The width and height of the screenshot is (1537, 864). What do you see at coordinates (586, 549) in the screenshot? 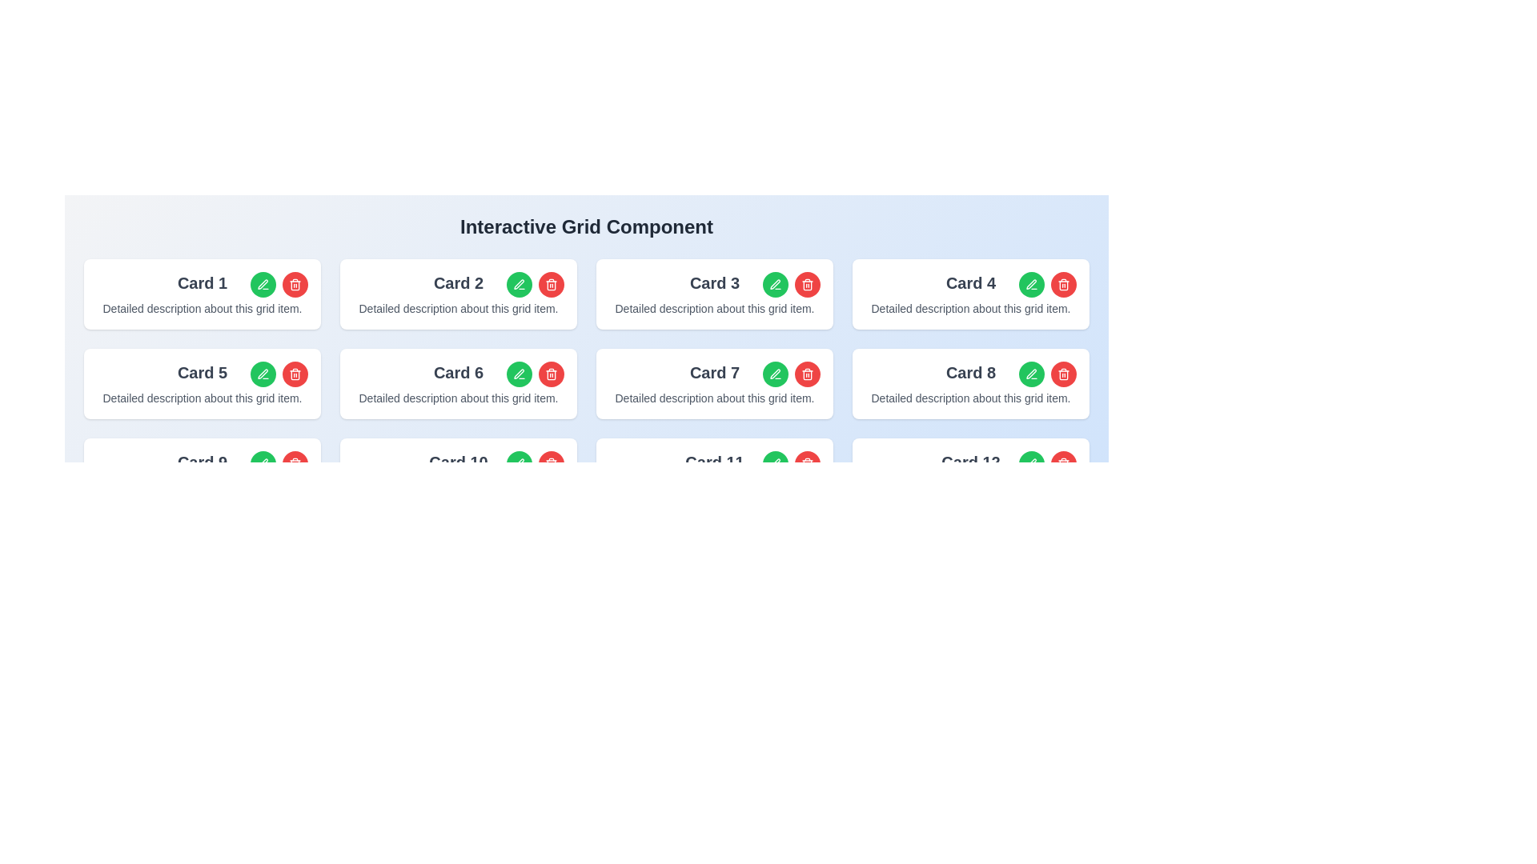
I see `the button that initiates the process of adding a new item, located below a grid layout and centered horizontally within the layout` at bounding box center [586, 549].